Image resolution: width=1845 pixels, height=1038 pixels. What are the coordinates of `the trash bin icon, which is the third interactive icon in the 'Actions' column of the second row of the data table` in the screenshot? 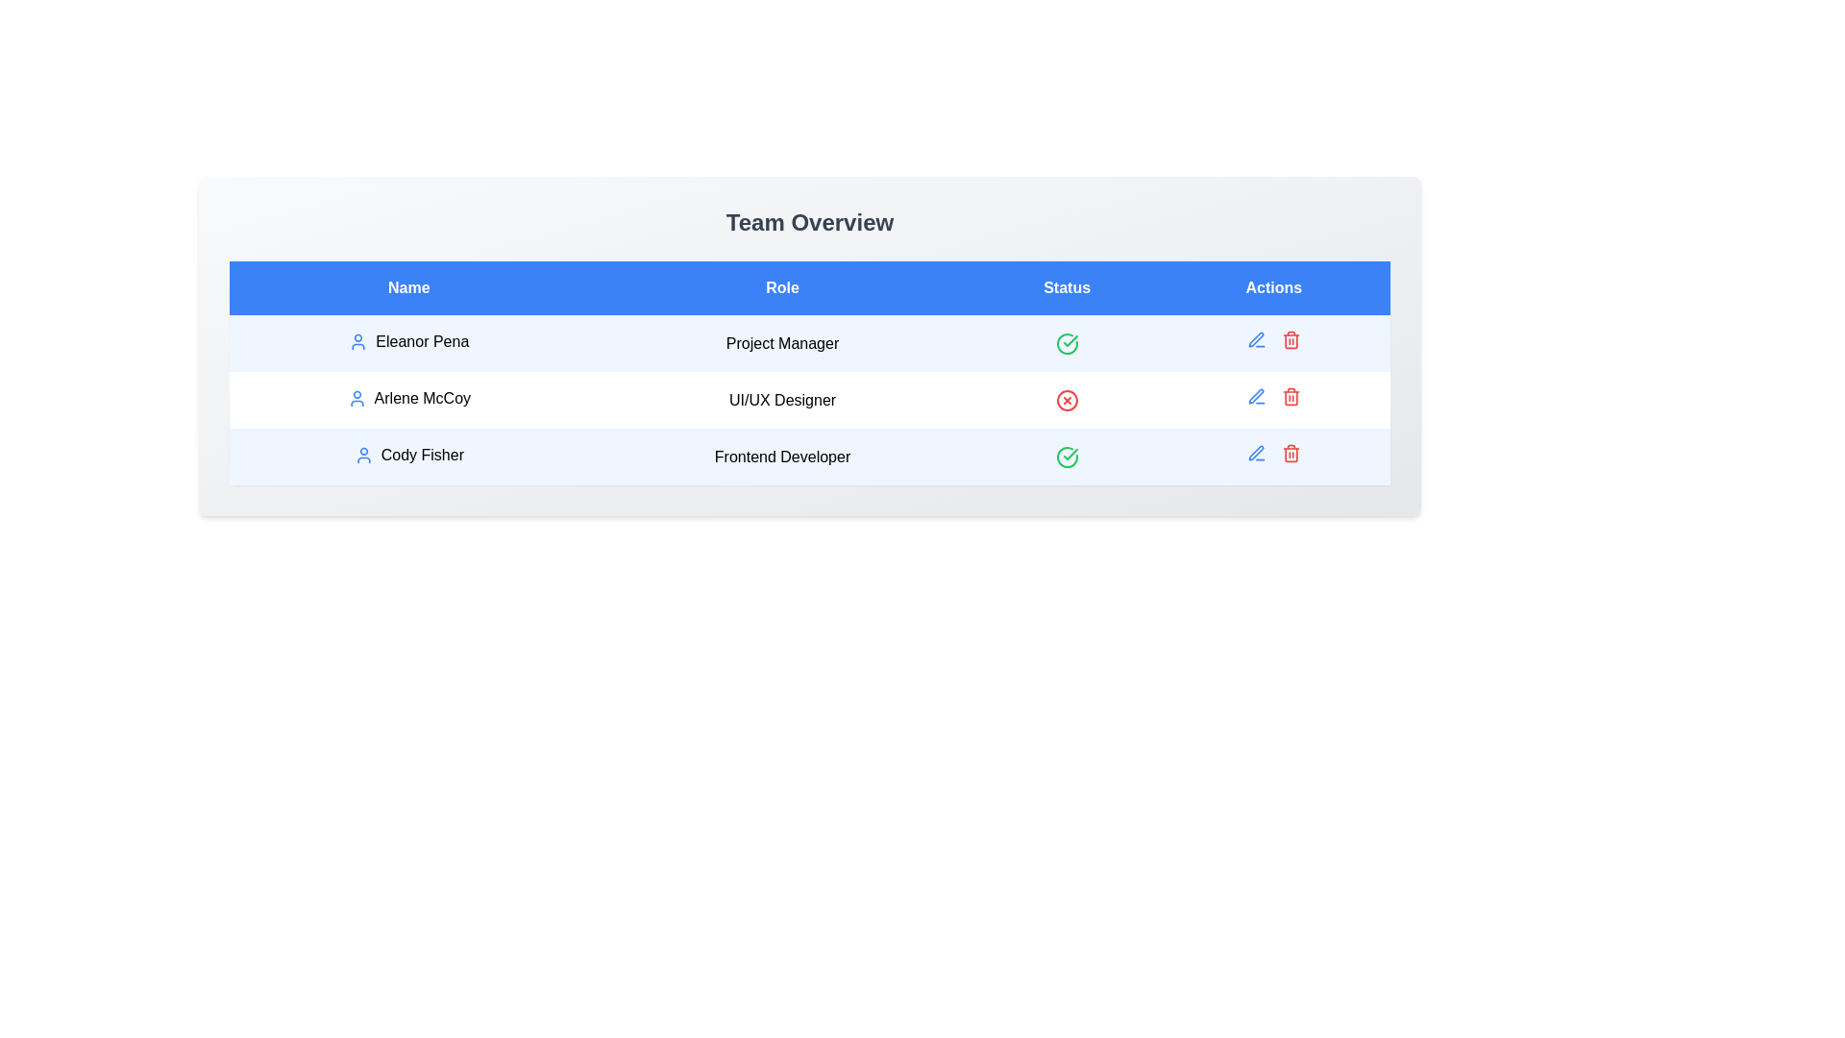 It's located at (1291, 339).